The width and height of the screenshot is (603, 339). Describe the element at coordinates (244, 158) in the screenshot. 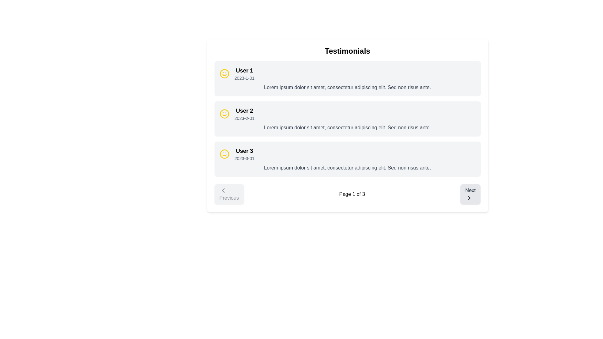

I see `the Text label displaying the date of the user testimonial for 'User 3', positioned below the username in the third testimonial entry` at that location.